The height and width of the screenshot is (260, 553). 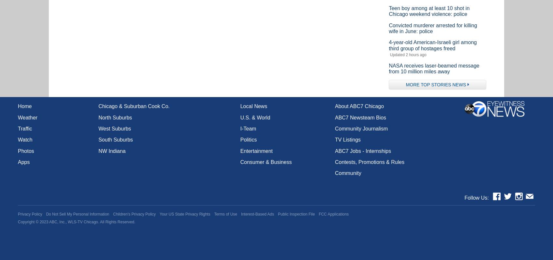 What do you see at coordinates (421, 84) in the screenshot?
I see `'TOP STORIES News'` at bounding box center [421, 84].